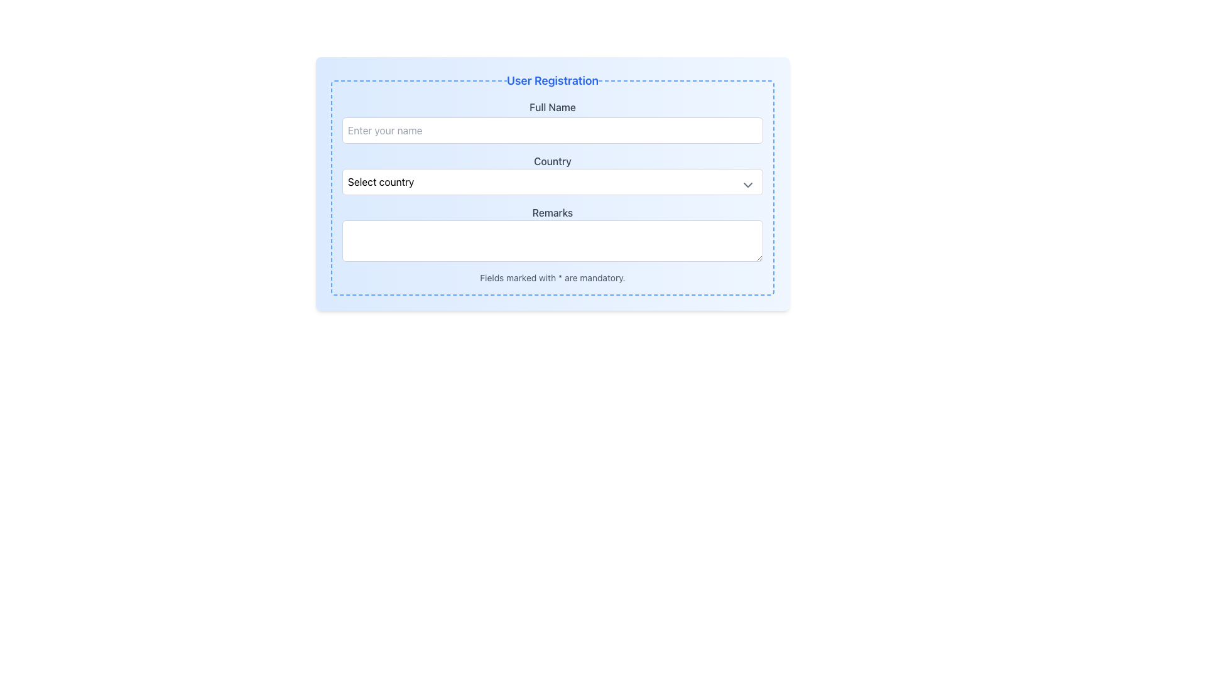  I want to click on text label 'Full Name' which is displayed in gray font above the 'Enter your name' input field in the form section, so click(552, 106).